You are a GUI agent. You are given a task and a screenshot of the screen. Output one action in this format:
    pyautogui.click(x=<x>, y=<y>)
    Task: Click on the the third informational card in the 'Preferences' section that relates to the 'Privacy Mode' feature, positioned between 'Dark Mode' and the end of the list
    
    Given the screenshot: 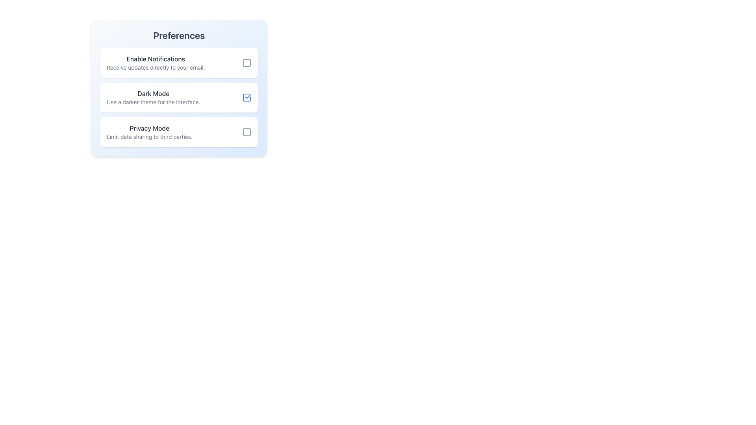 What is the action you would take?
    pyautogui.click(x=179, y=131)
    